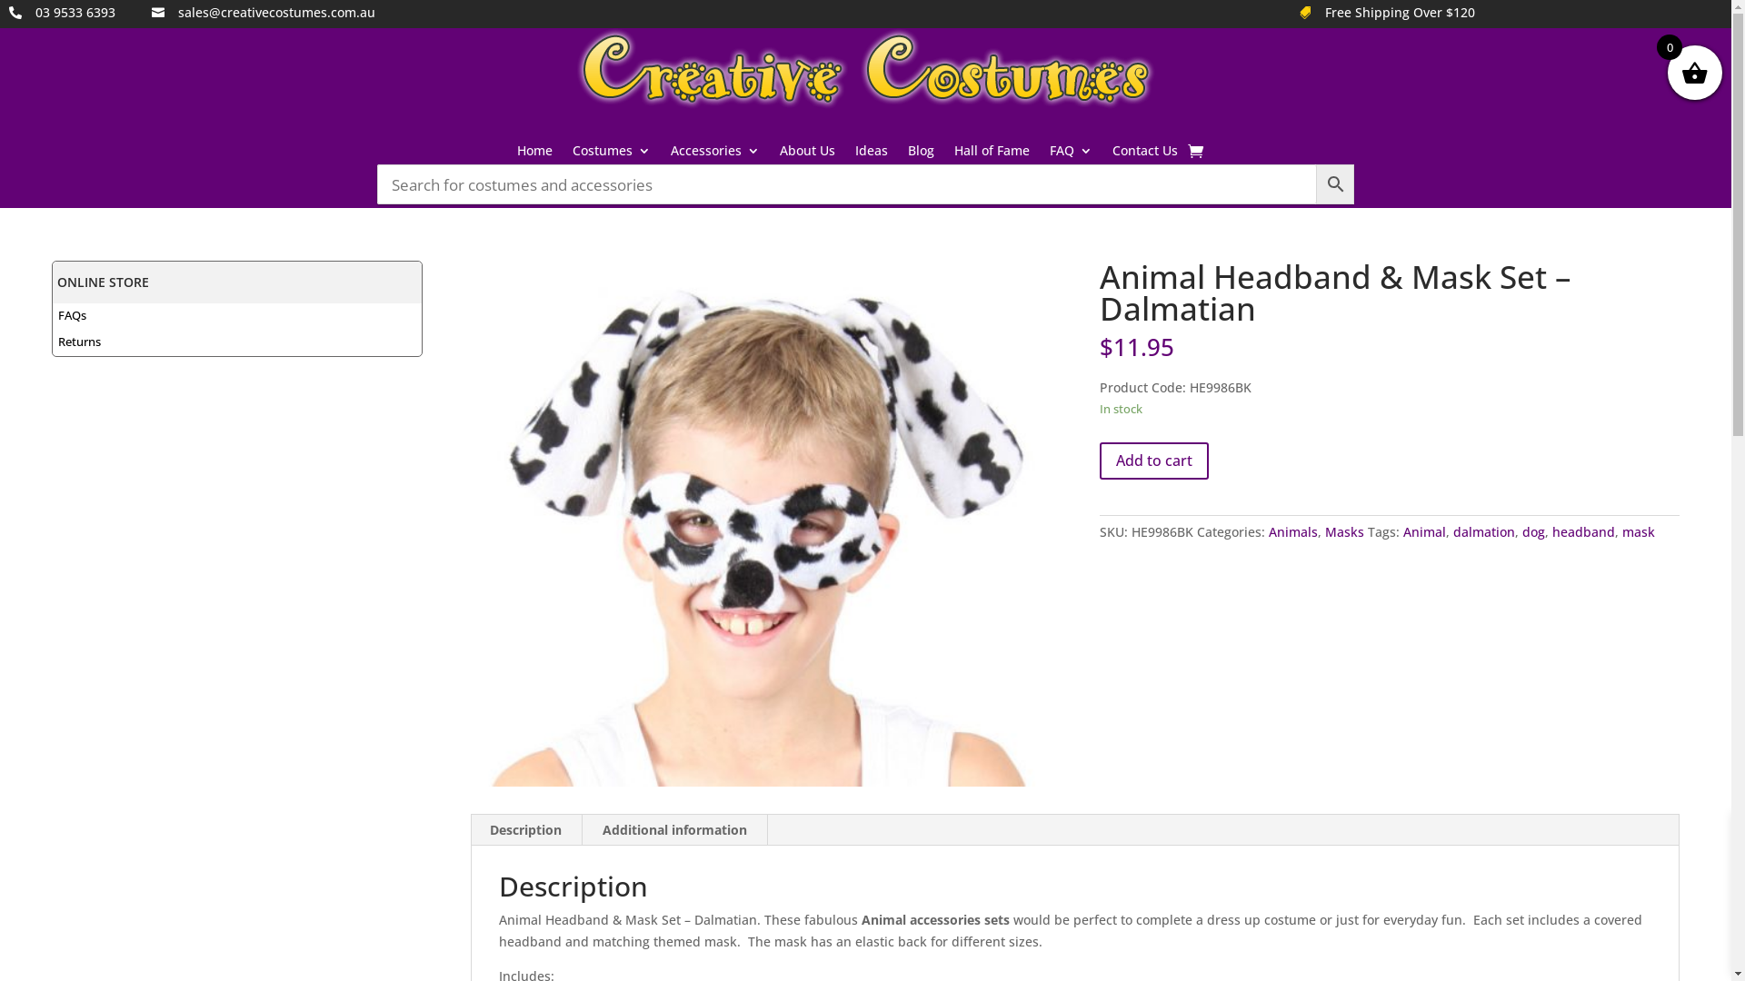 The image size is (1745, 981). What do you see at coordinates (806, 153) in the screenshot?
I see `'About Us'` at bounding box center [806, 153].